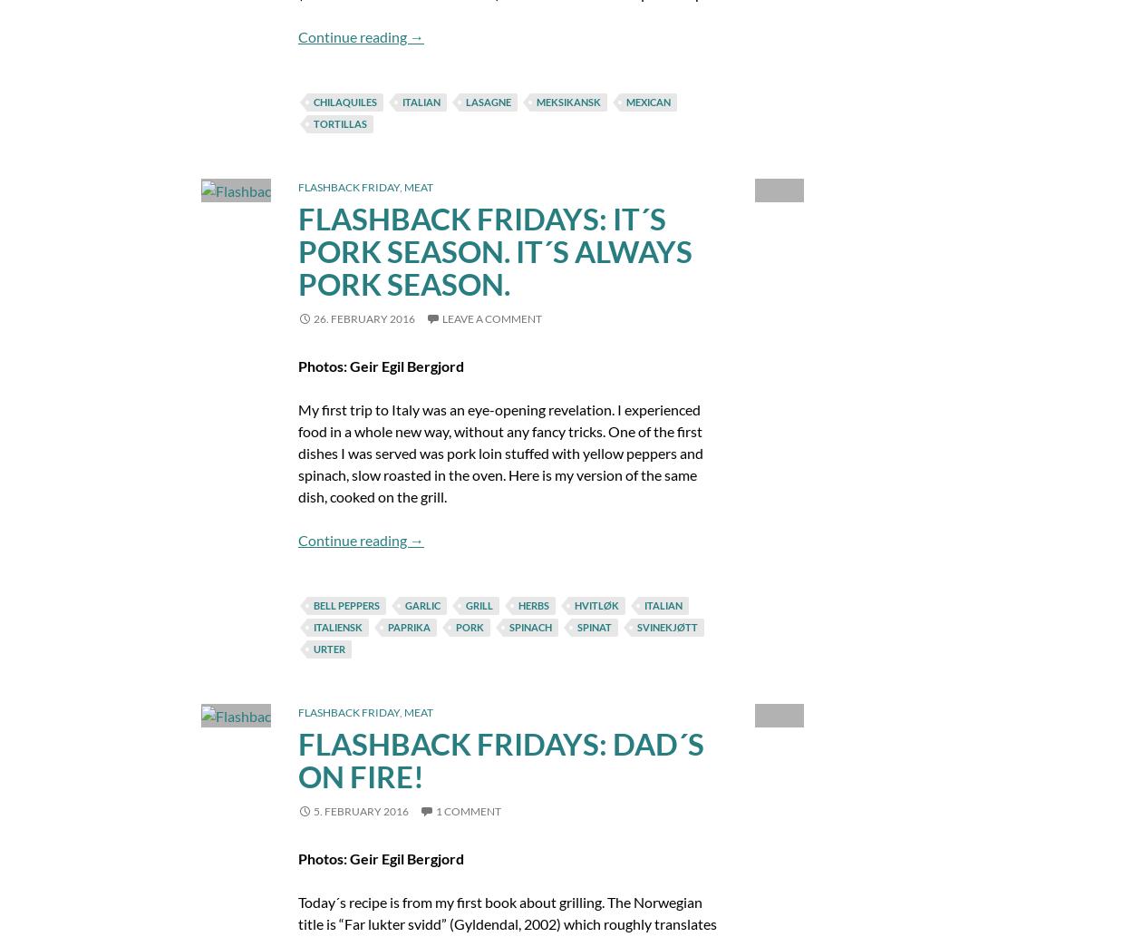  Describe the element at coordinates (312, 648) in the screenshot. I see `'urter'` at that location.